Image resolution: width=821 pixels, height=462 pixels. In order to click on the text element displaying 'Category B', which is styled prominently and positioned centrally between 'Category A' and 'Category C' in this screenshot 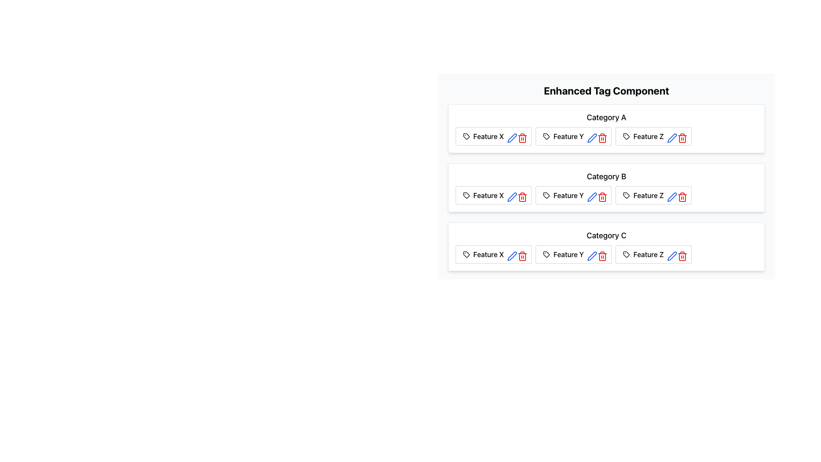, I will do `click(606, 176)`.